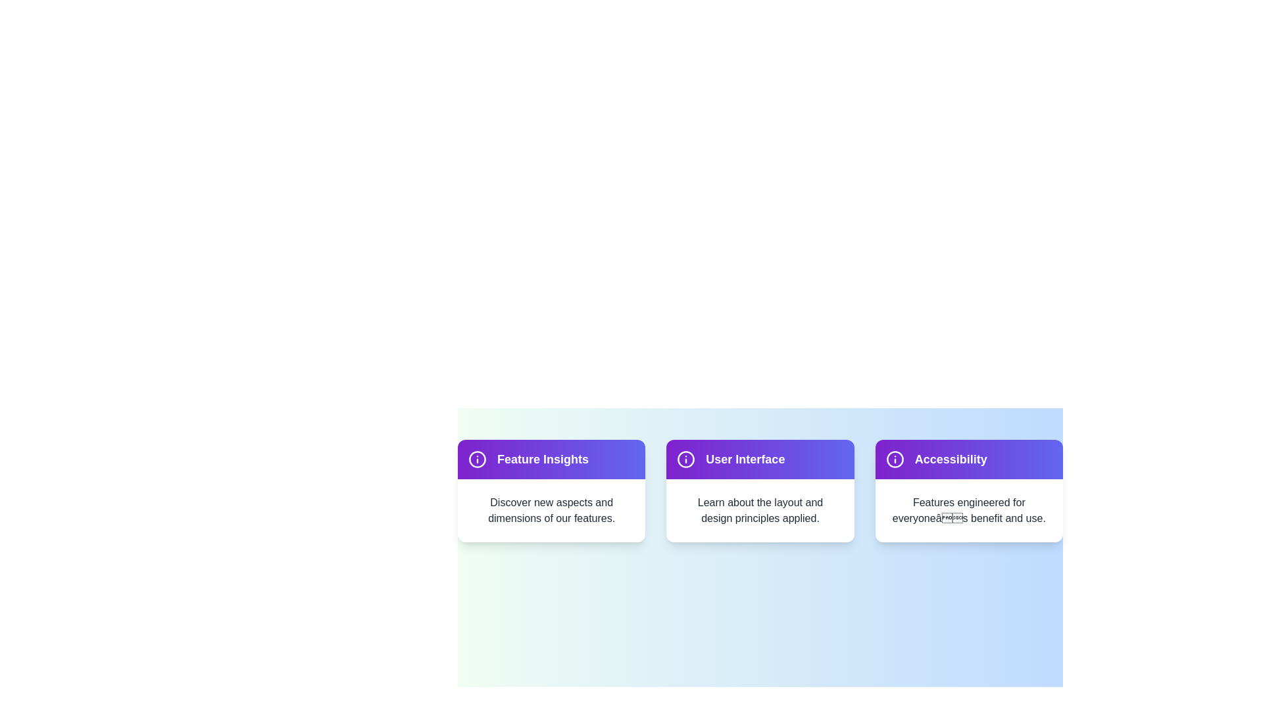  Describe the element at coordinates (685, 458) in the screenshot. I see `the decorative circular graphic located inside the icon at the top-left corner of the 'User Interface' card in the second card of a three-card horizontal layout` at that location.